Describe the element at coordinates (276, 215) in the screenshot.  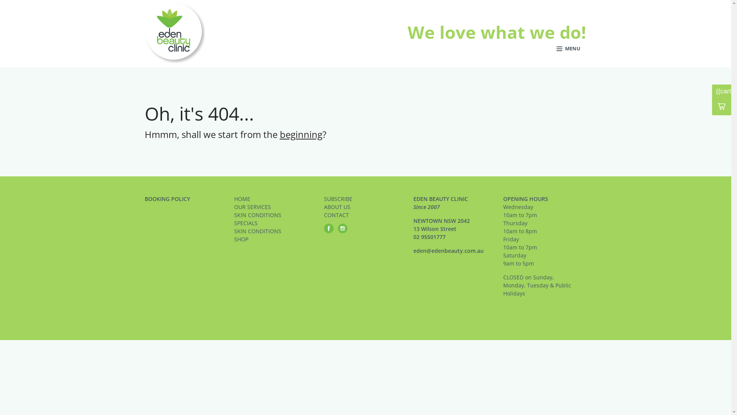
I see `'SKIN CONDITIONS'` at that location.